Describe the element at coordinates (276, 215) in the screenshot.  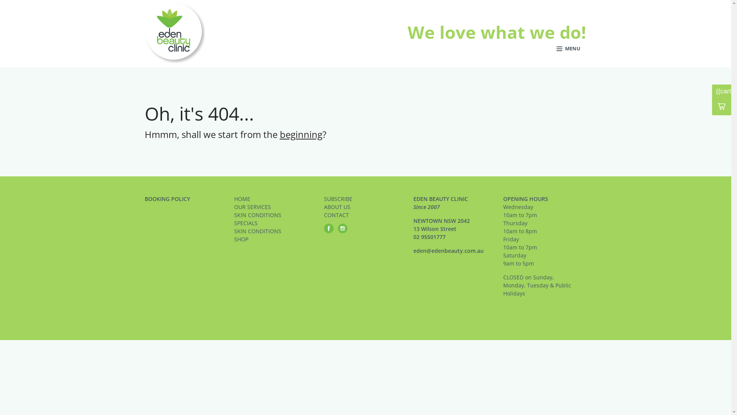
I see `'SKIN CONDITIONS'` at that location.